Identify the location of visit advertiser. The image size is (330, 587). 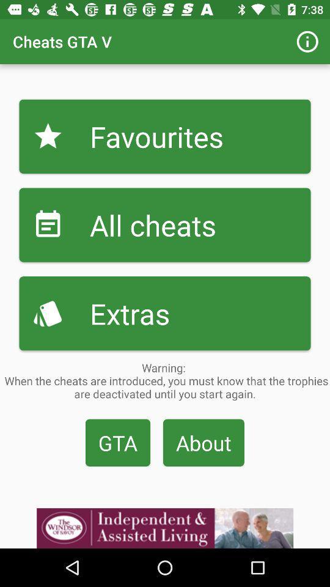
(165, 528).